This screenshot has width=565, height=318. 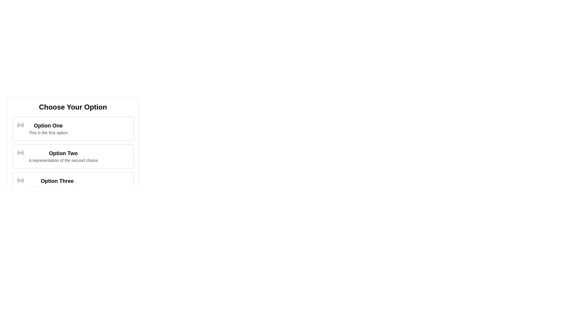 I want to click on the radio button option labeled 'Option Two', so click(x=73, y=156).